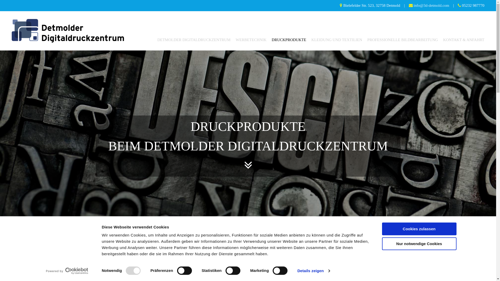 Image resolution: width=500 pixels, height=281 pixels. I want to click on 'PROFESSIONELLE BILDBEARBEITUNG', so click(400, 40).